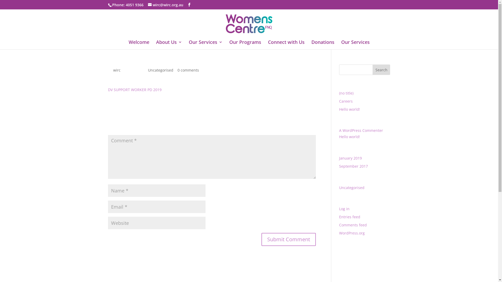  I want to click on 'A WordPress Commenter', so click(339, 130).